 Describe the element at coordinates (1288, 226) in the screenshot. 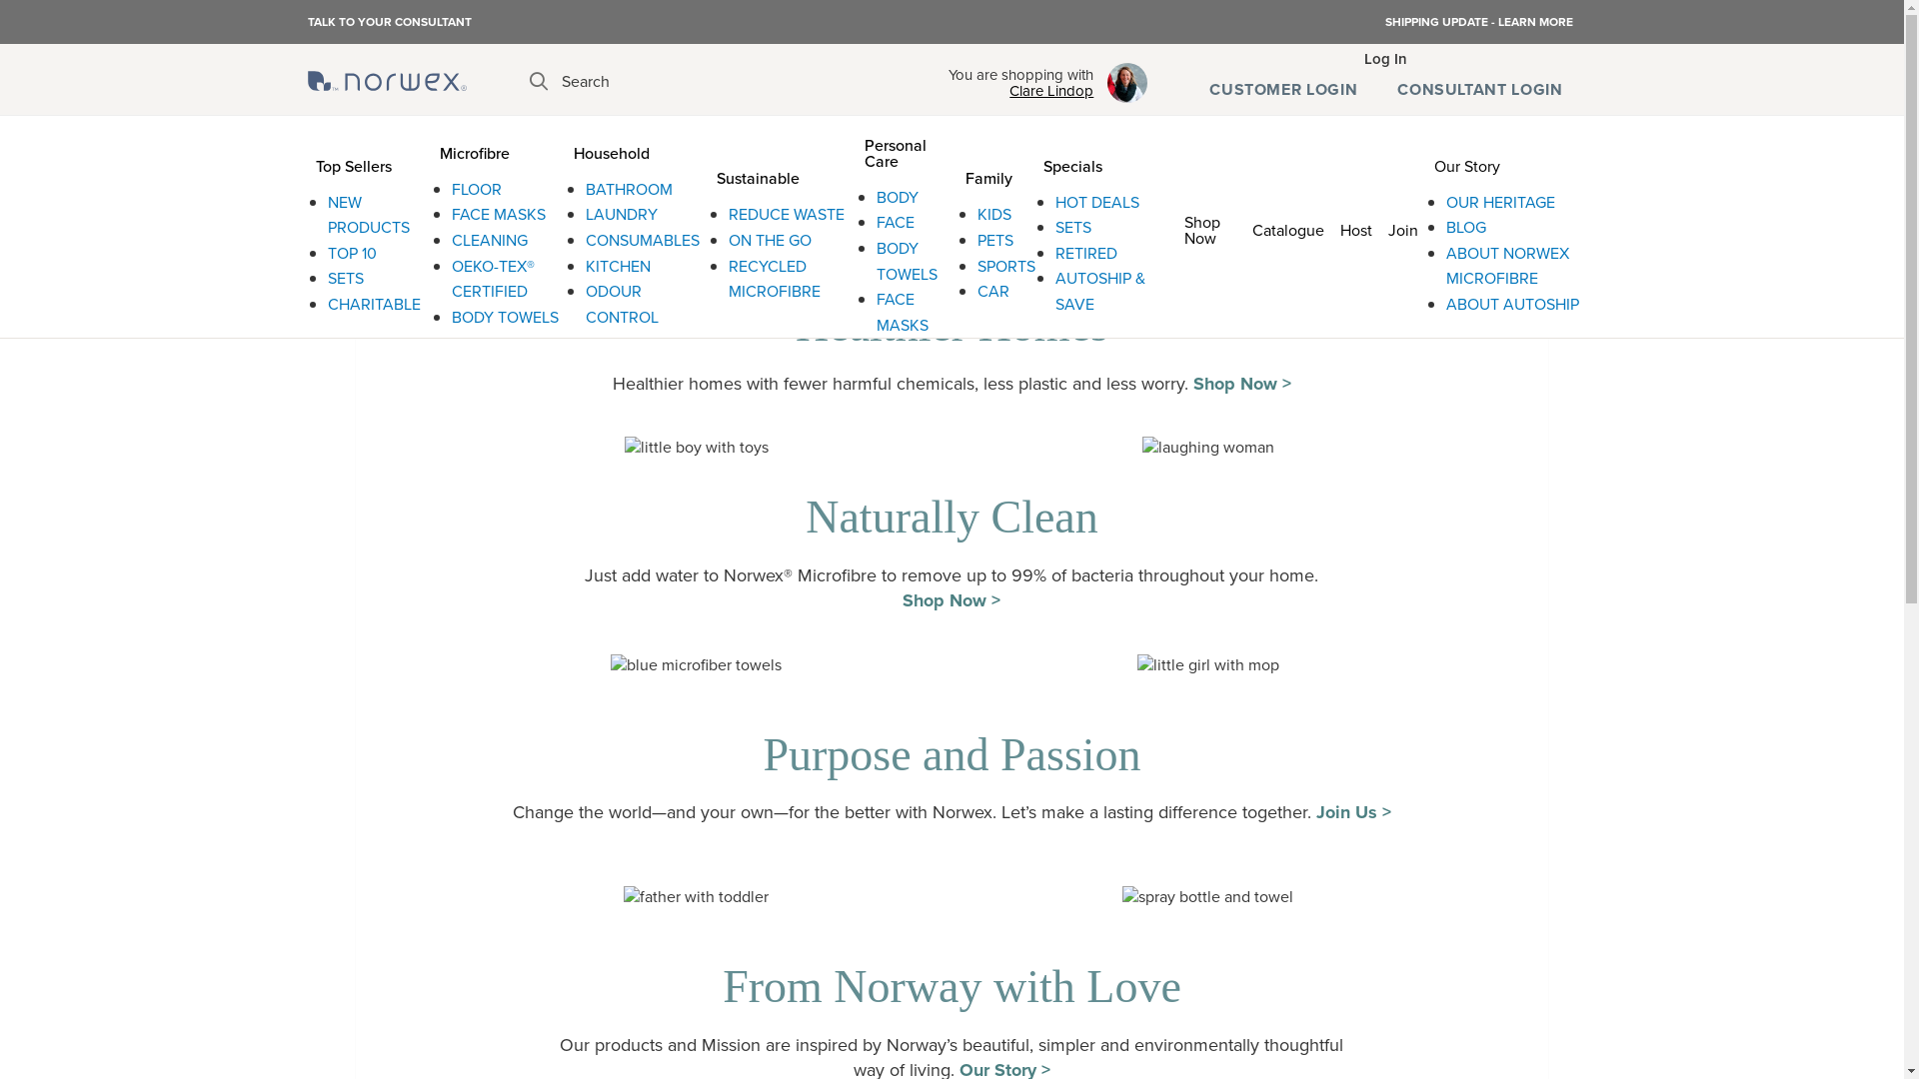

I see `'Catalogue'` at that location.